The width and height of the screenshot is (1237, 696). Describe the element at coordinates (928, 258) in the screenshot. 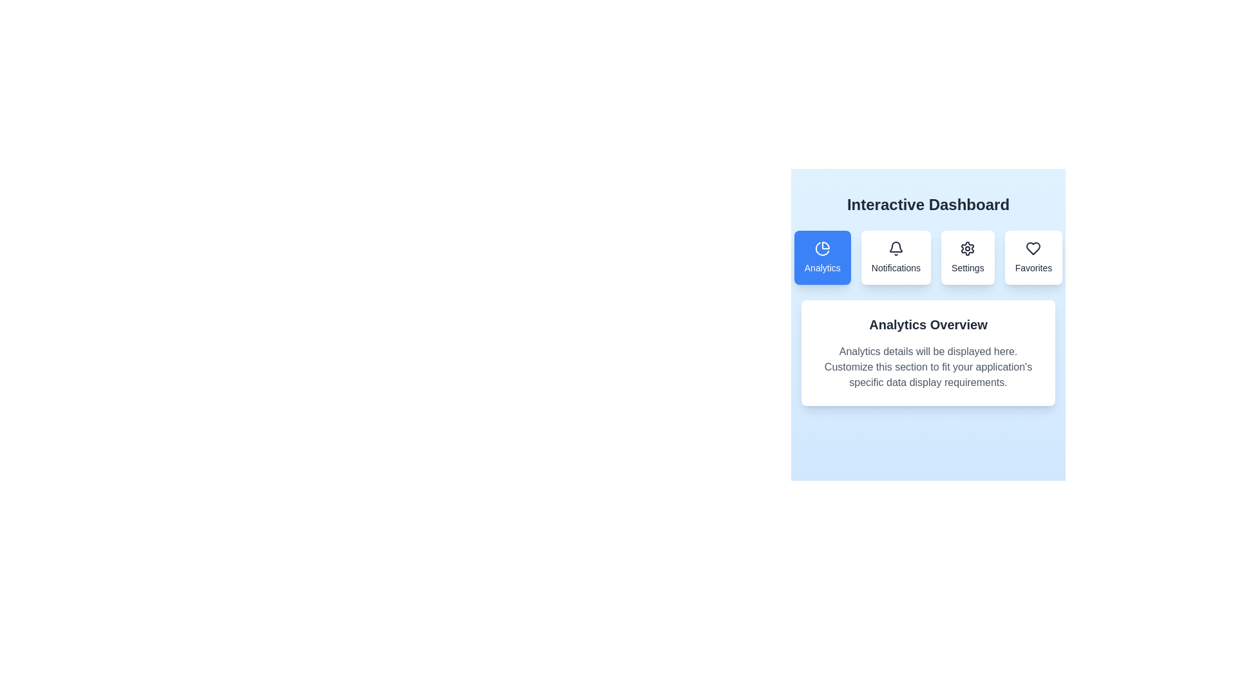

I see `the 'Notifications' icon in the Navigational menu located at the top-center of the interface` at that location.